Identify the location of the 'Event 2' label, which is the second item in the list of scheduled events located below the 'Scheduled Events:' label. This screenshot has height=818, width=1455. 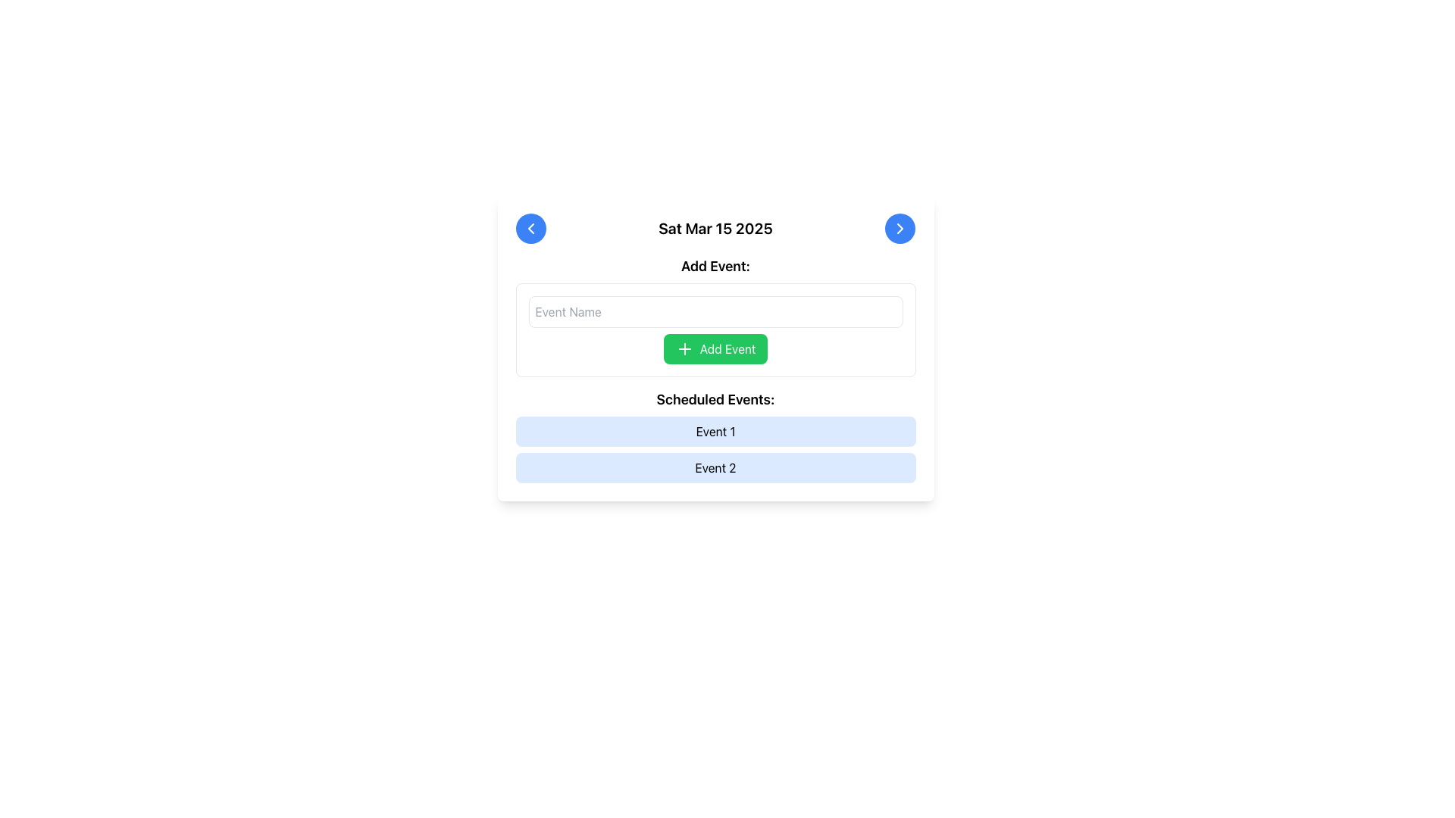
(715, 467).